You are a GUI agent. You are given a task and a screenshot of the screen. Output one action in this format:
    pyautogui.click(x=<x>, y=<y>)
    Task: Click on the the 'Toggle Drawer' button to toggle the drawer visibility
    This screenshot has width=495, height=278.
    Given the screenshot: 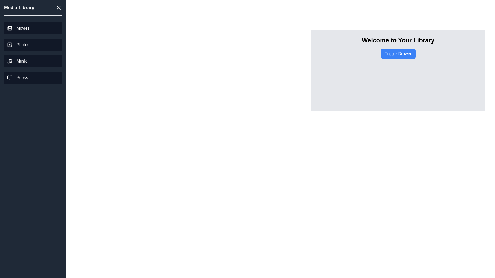 What is the action you would take?
    pyautogui.click(x=398, y=54)
    